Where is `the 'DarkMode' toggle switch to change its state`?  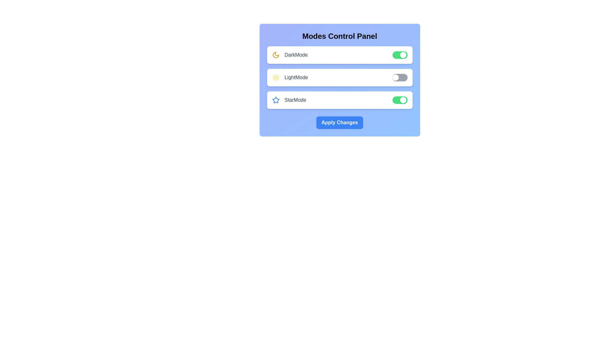 the 'DarkMode' toggle switch to change its state is located at coordinates (399, 55).